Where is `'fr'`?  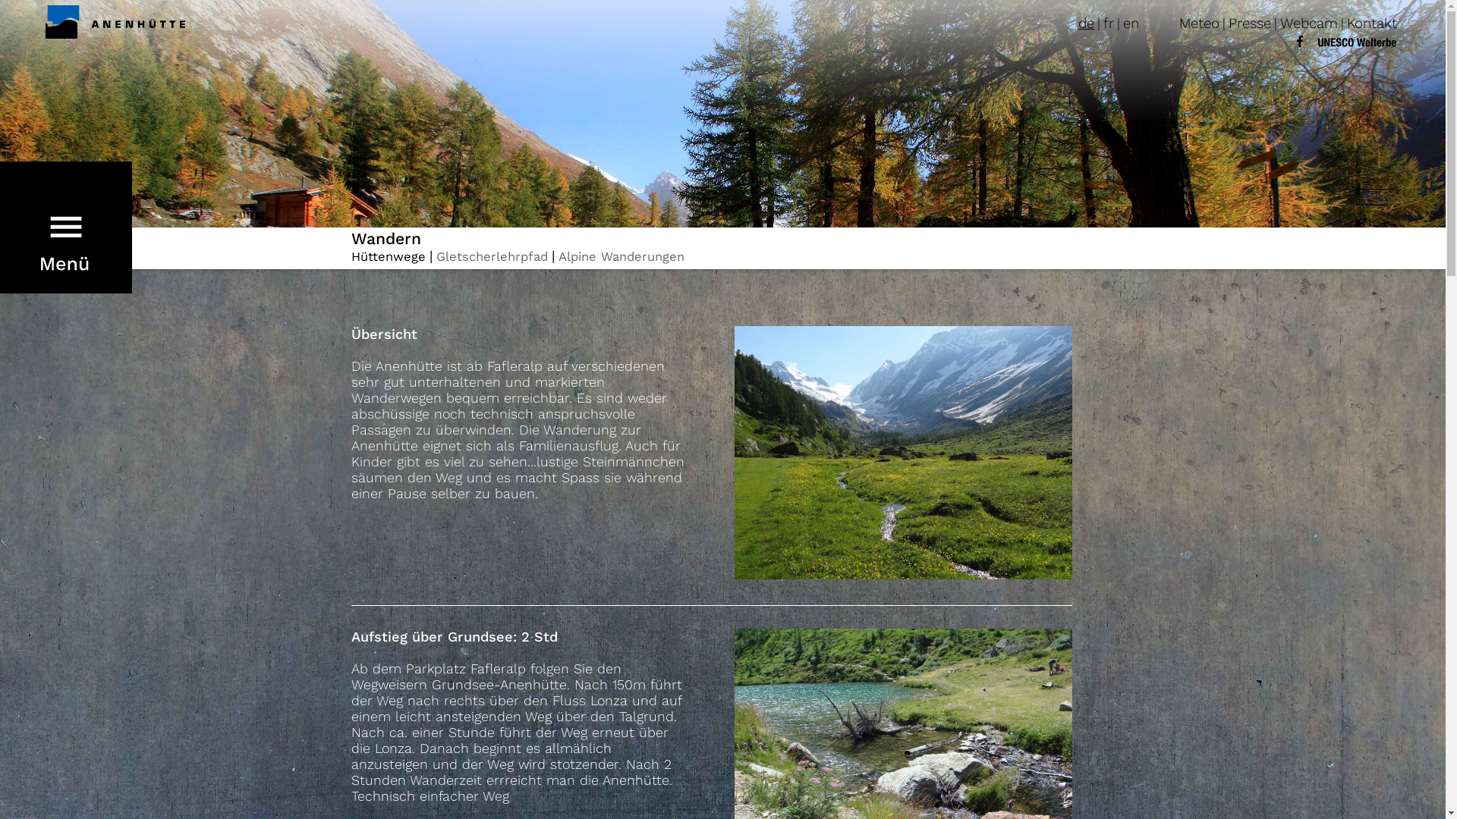
'fr' is located at coordinates (1108, 23).